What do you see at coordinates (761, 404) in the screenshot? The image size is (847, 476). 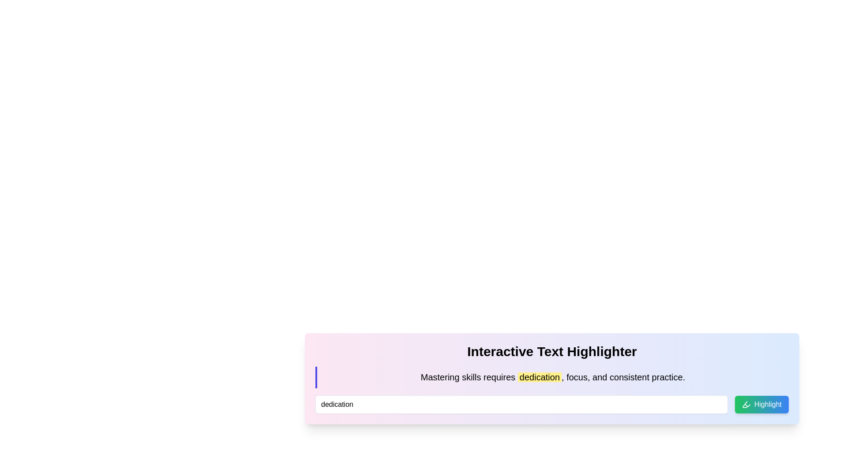 I see `the highlight button located on the right side of the text input field to alter its appearance` at bounding box center [761, 404].